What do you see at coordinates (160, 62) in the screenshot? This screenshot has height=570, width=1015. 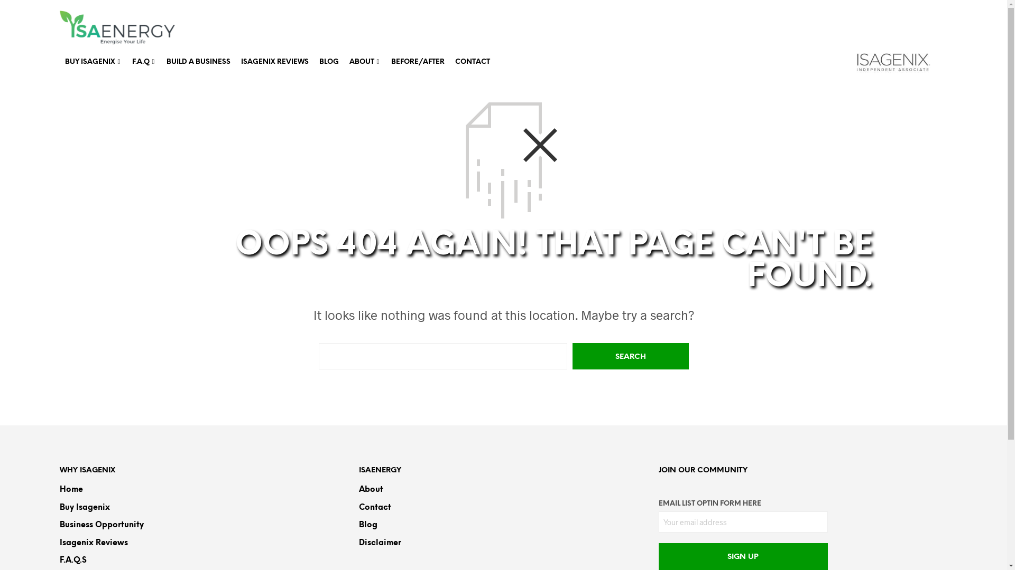 I see `'BUILD A BUSINESS'` at bounding box center [160, 62].